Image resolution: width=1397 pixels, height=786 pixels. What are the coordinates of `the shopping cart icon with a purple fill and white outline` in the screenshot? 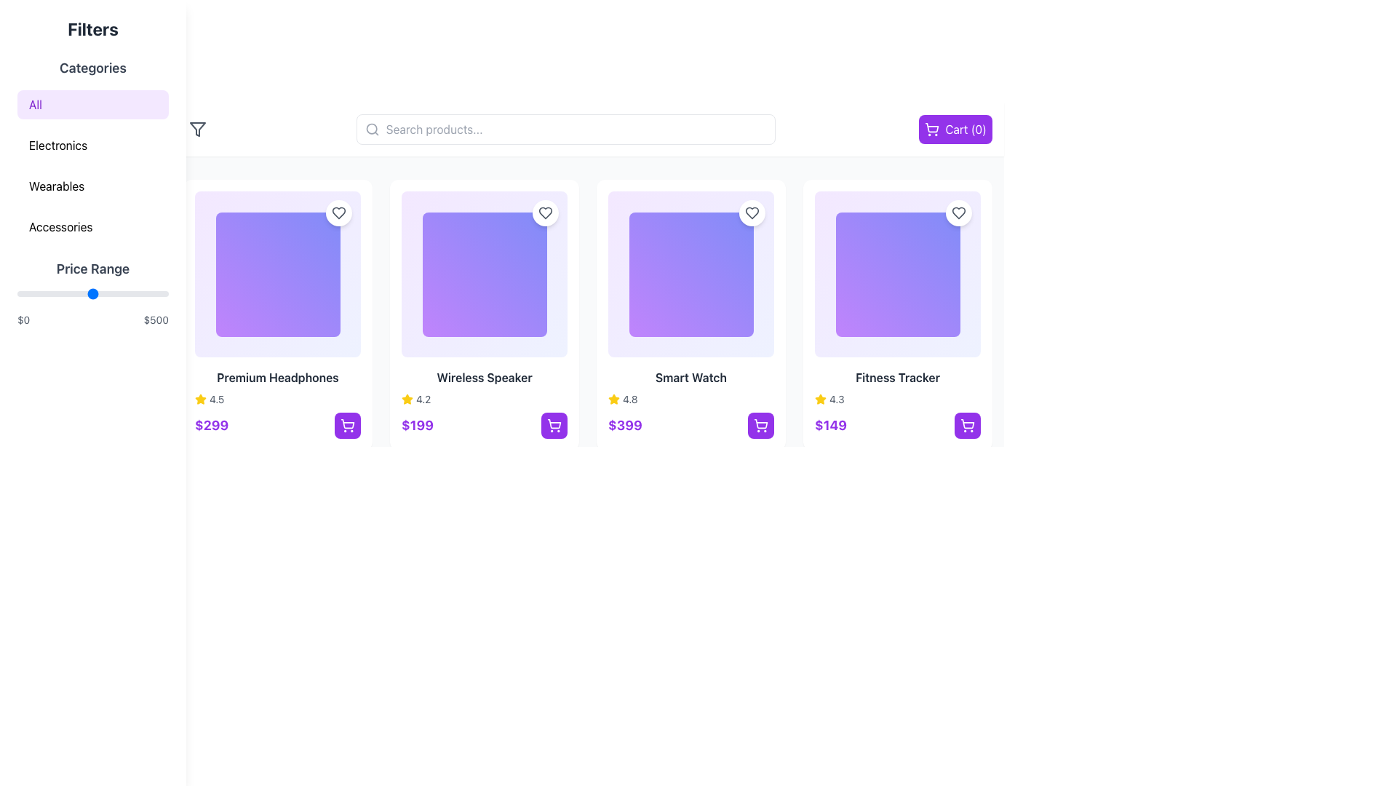 It's located at (347, 426).